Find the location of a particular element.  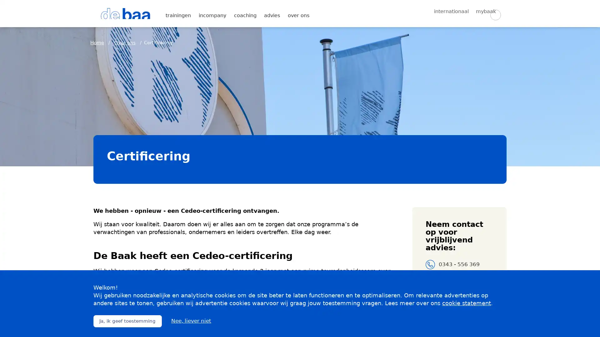

Zoeken is located at coordinates (507, 32).